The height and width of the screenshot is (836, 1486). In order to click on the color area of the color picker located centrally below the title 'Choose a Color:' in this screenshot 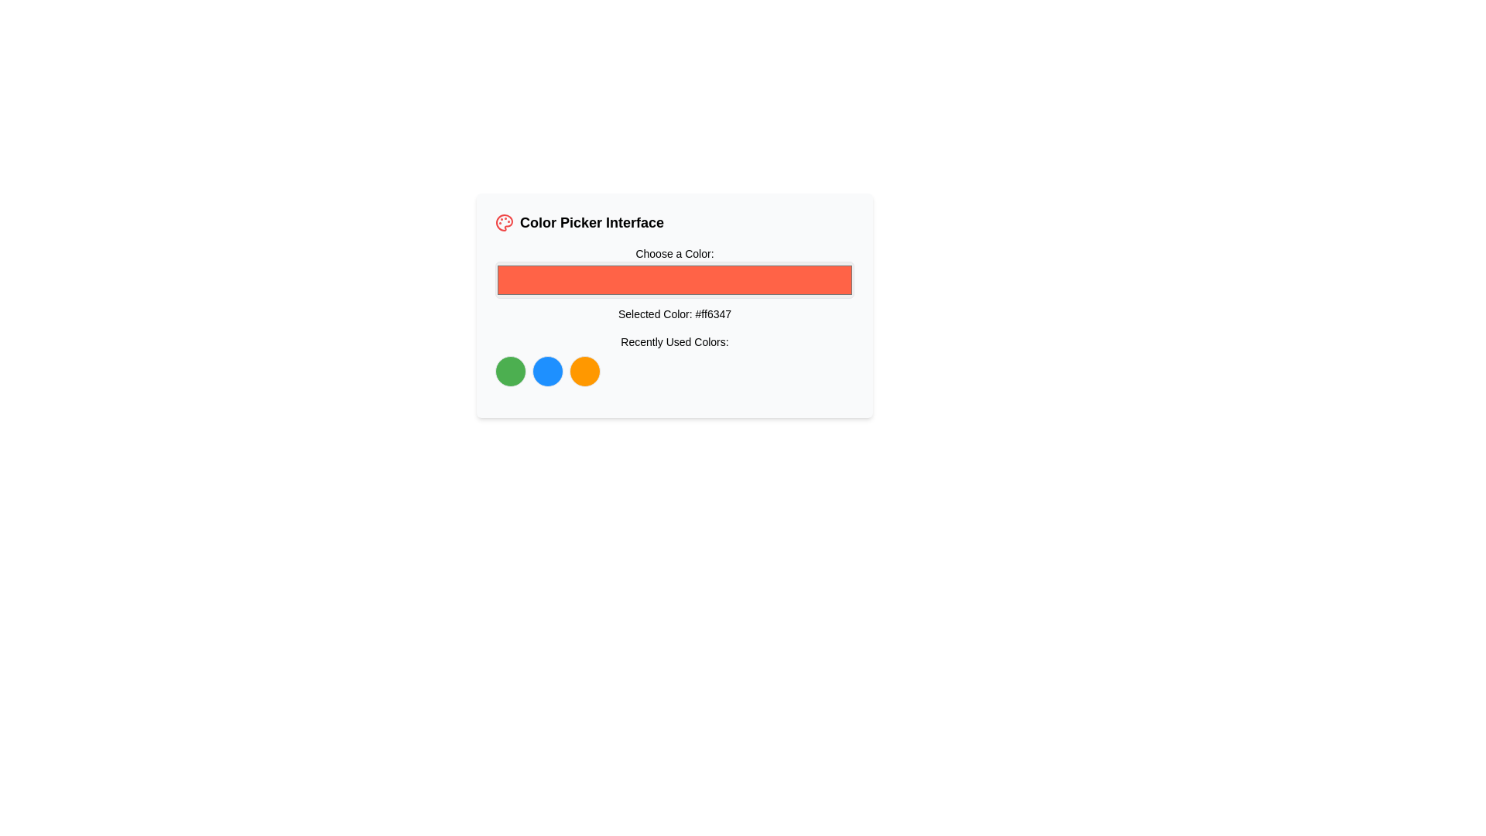, I will do `click(675, 283)`.